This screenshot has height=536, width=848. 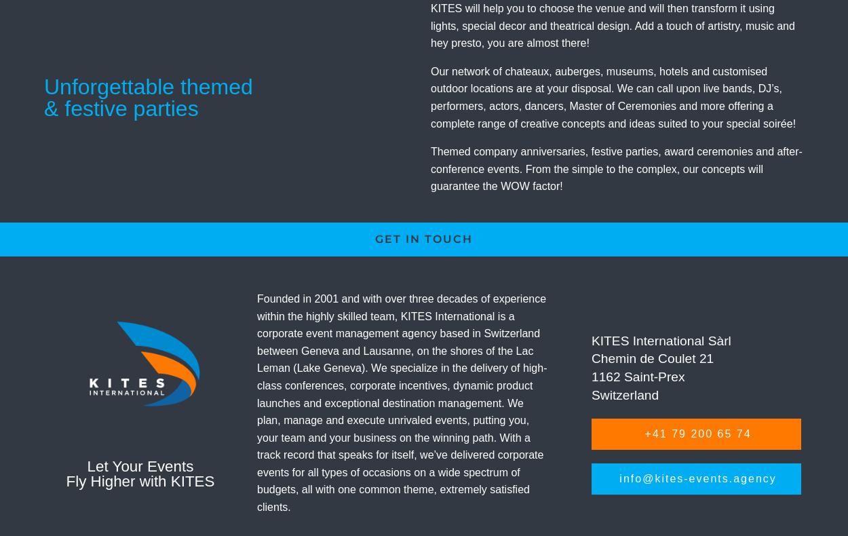 What do you see at coordinates (424, 239) in the screenshot?
I see `'Get in Touch'` at bounding box center [424, 239].